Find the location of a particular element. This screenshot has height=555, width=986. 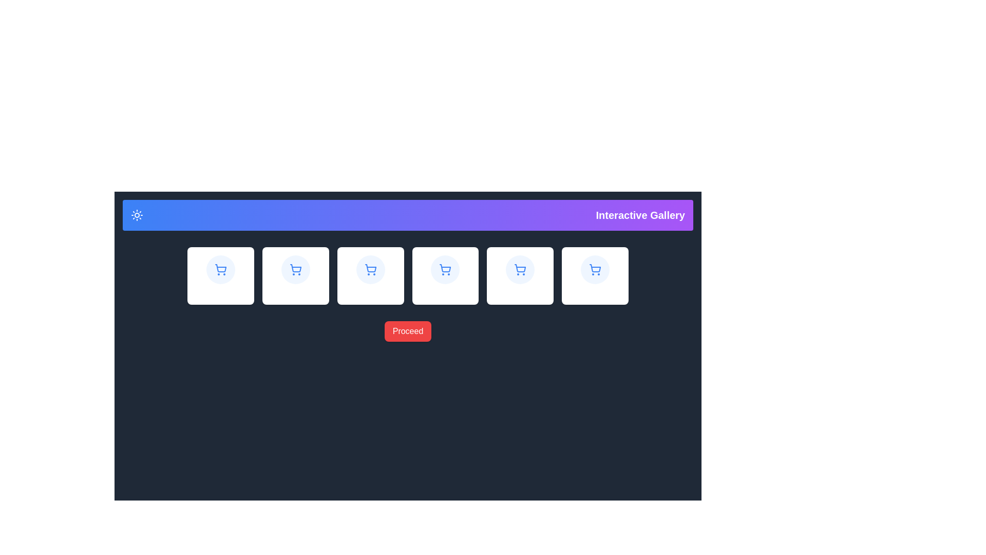

the circular light blue background icon containing a blue shopping cart located at the bottom of the last card in the horizontal row of elements is located at coordinates (595, 269).